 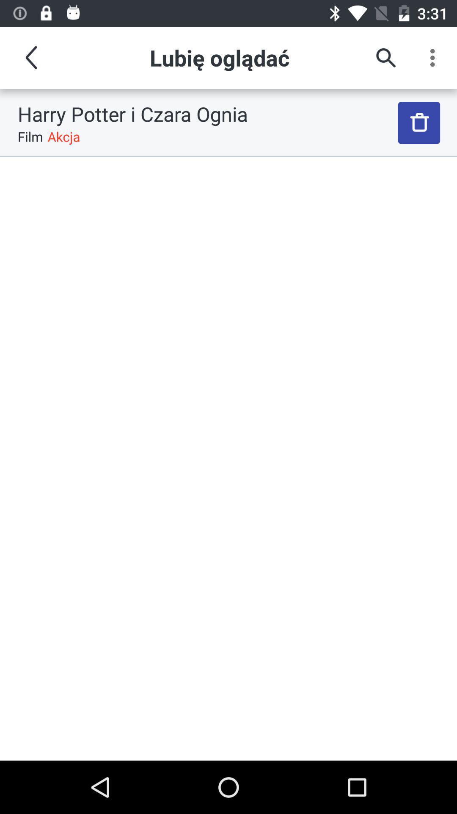 What do you see at coordinates (30, 57) in the screenshot?
I see `icon above harry potter i` at bounding box center [30, 57].